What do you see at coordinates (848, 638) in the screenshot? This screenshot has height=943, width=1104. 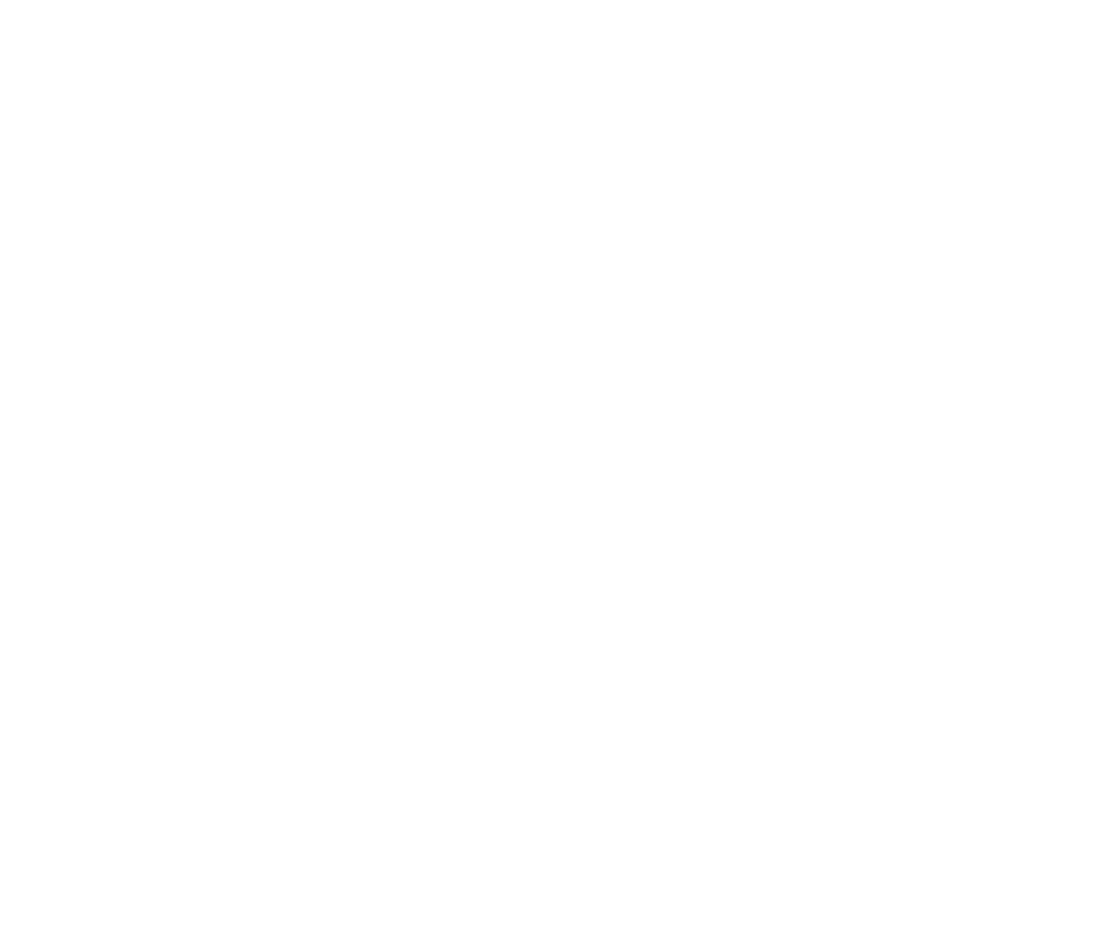 I see `'MTPLM 4500 kg'` at bounding box center [848, 638].